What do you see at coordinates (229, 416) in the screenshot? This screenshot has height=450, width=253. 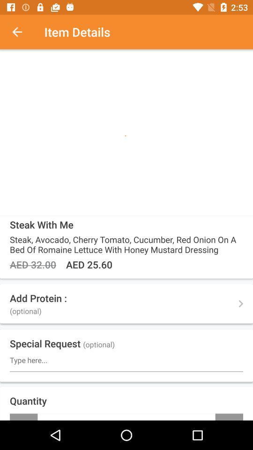 I see `the + icon` at bounding box center [229, 416].